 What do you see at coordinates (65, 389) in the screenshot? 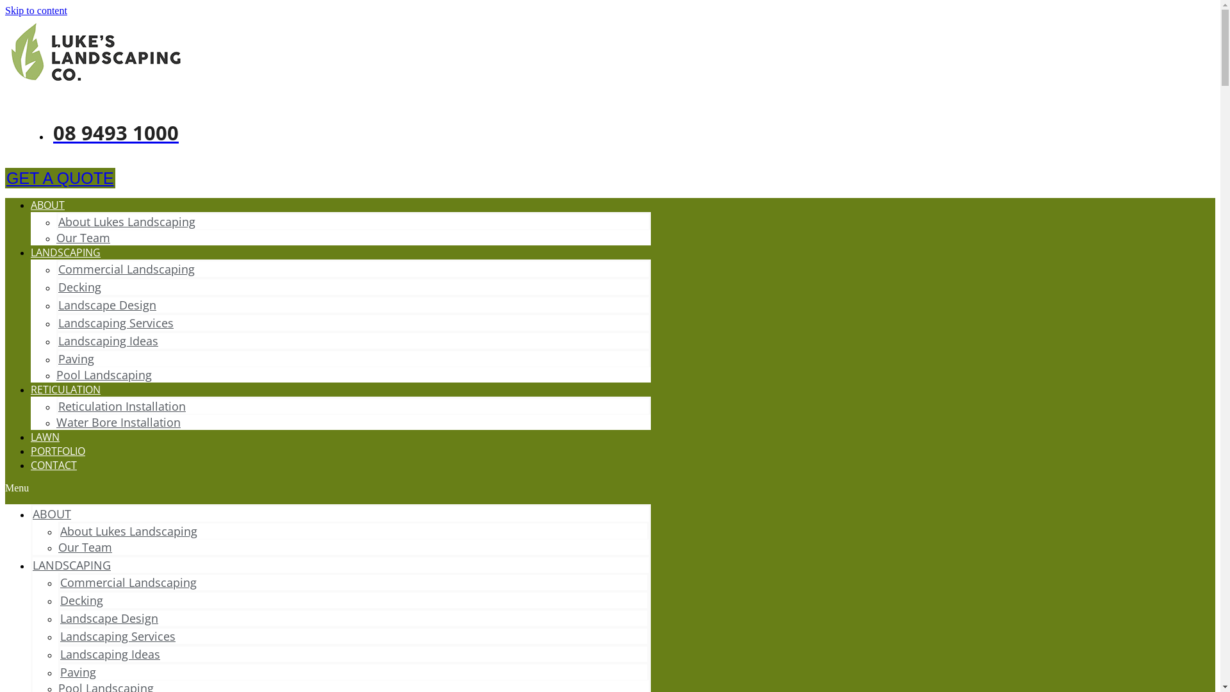
I see `'RETICULATION'` at bounding box center [65, 389].